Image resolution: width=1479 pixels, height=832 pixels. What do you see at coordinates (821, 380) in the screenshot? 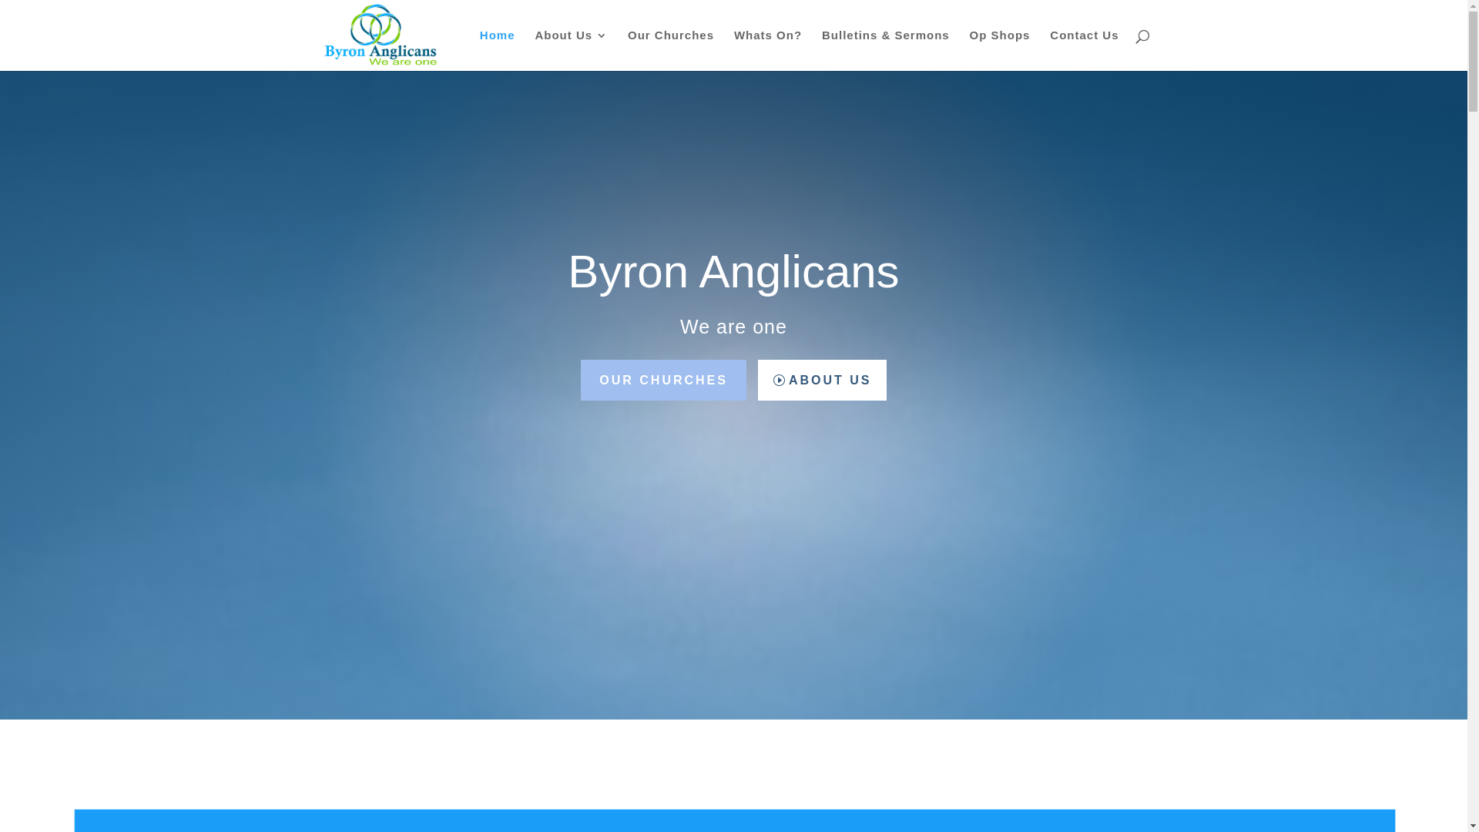
I see `'ABOUT US'` at bounding box center [821, 380].